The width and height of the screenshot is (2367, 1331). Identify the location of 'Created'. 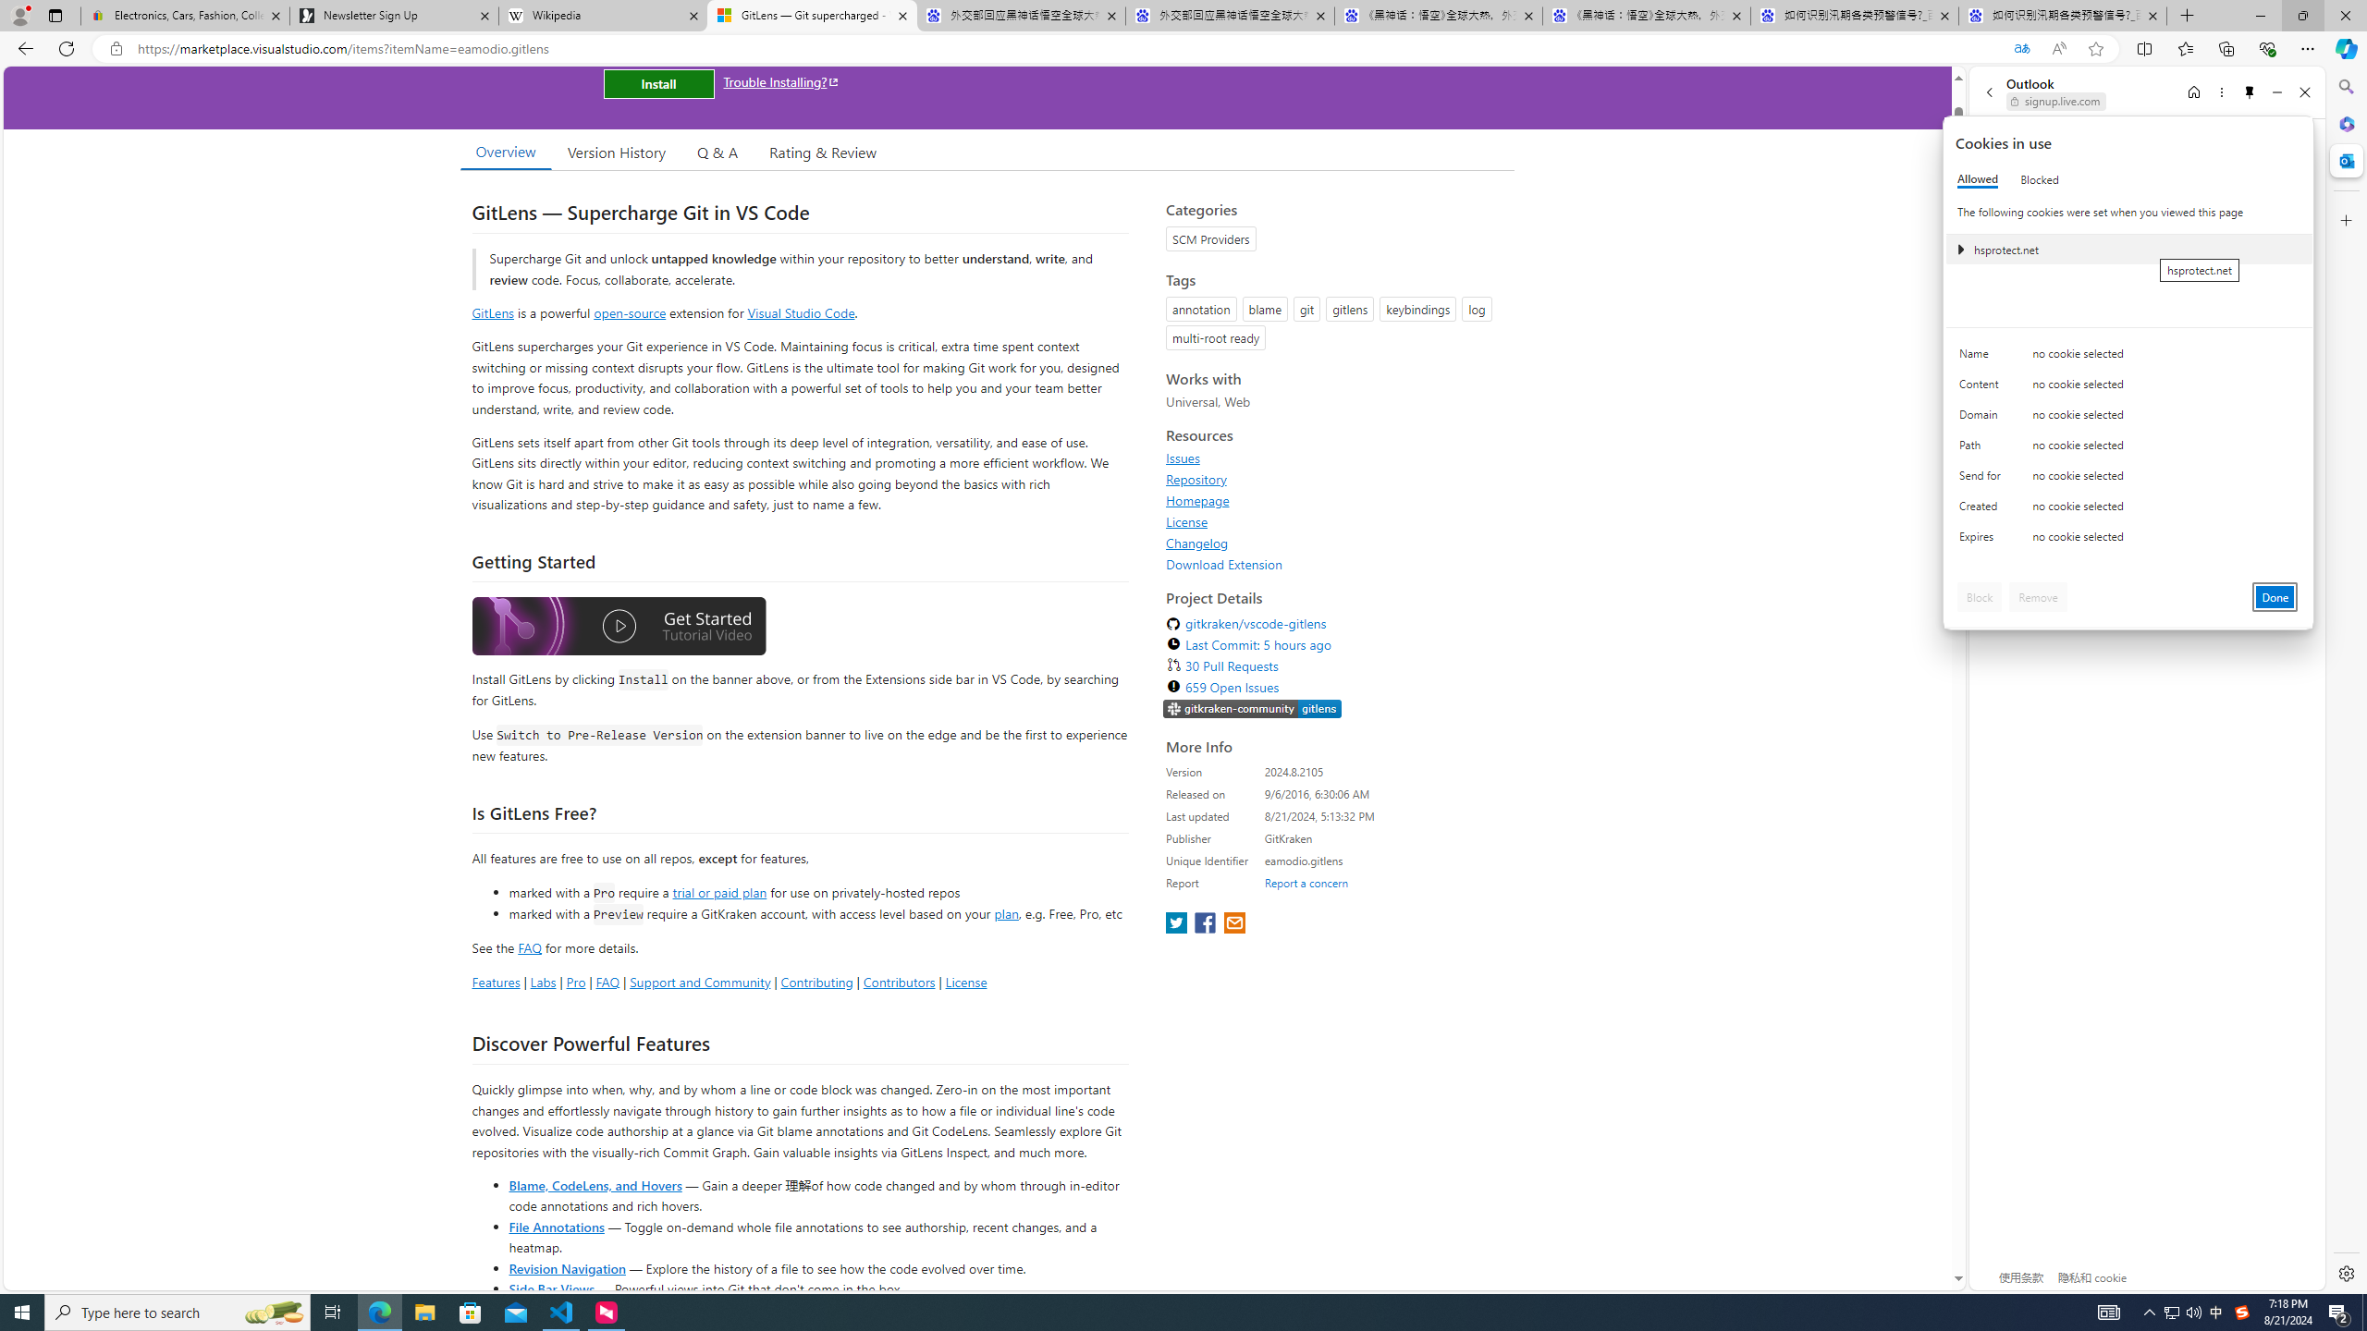
(1982, 509).